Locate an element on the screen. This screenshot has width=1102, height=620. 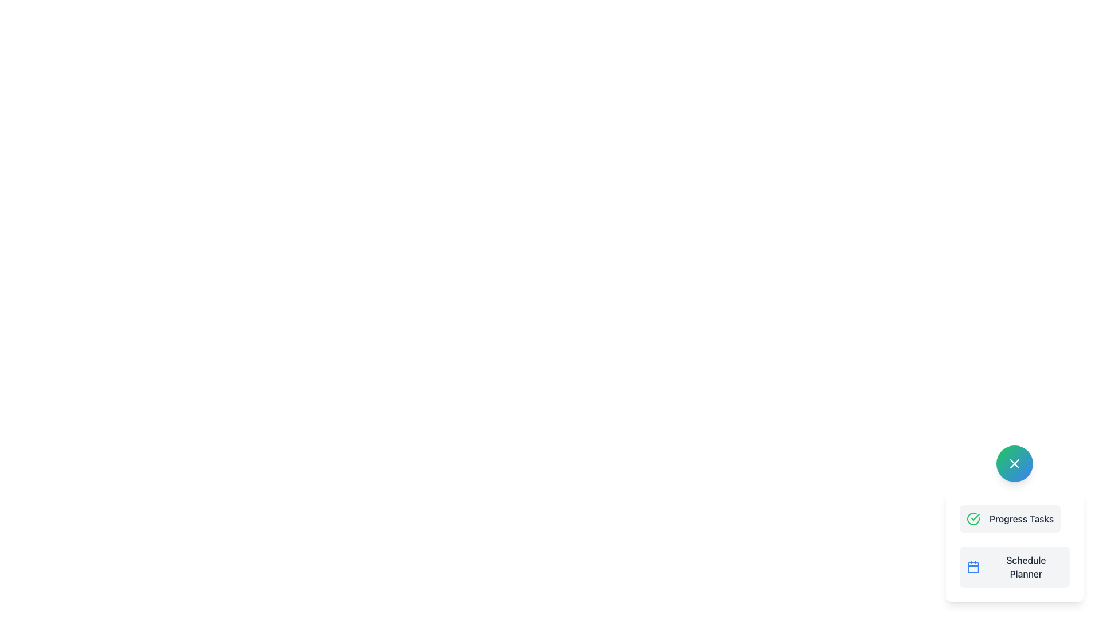
properties of the decorative or status-indicative icon representing partial progress or a checkmark design located in the bottom right corner of the interface is located at coordinates (972, 518).